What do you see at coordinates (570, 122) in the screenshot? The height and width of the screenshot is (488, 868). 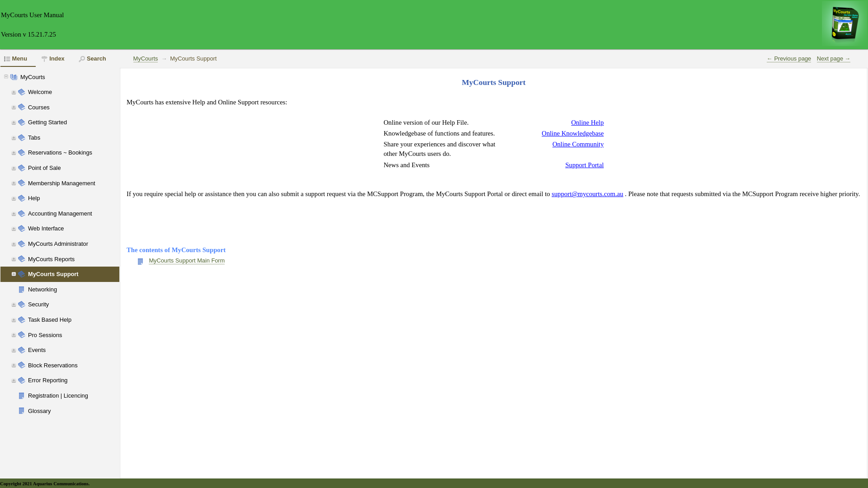 I see `'Online Help'` at bounding box center [570, 122].